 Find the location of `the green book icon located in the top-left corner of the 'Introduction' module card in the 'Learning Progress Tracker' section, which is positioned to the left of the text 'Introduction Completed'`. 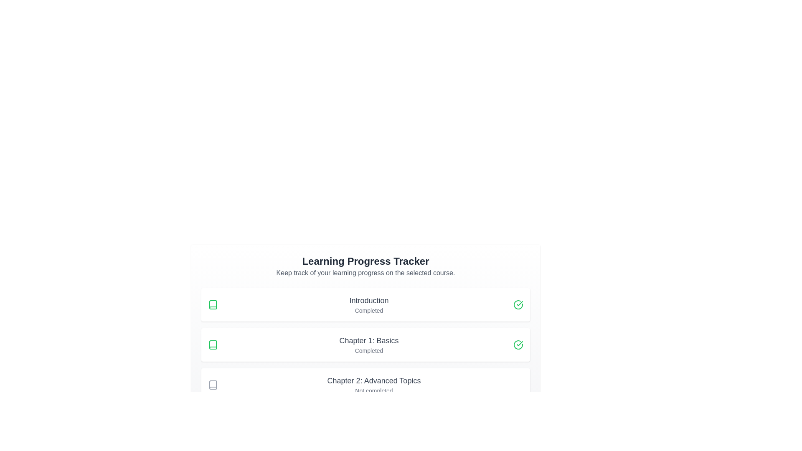

the green book icon located in the top-left corner of the 'Introduction' module card in the 'Learning Progress Tracker' section, which is positioned to the left of the text 'Introduction Completed' is located at coordinates (213, 304).